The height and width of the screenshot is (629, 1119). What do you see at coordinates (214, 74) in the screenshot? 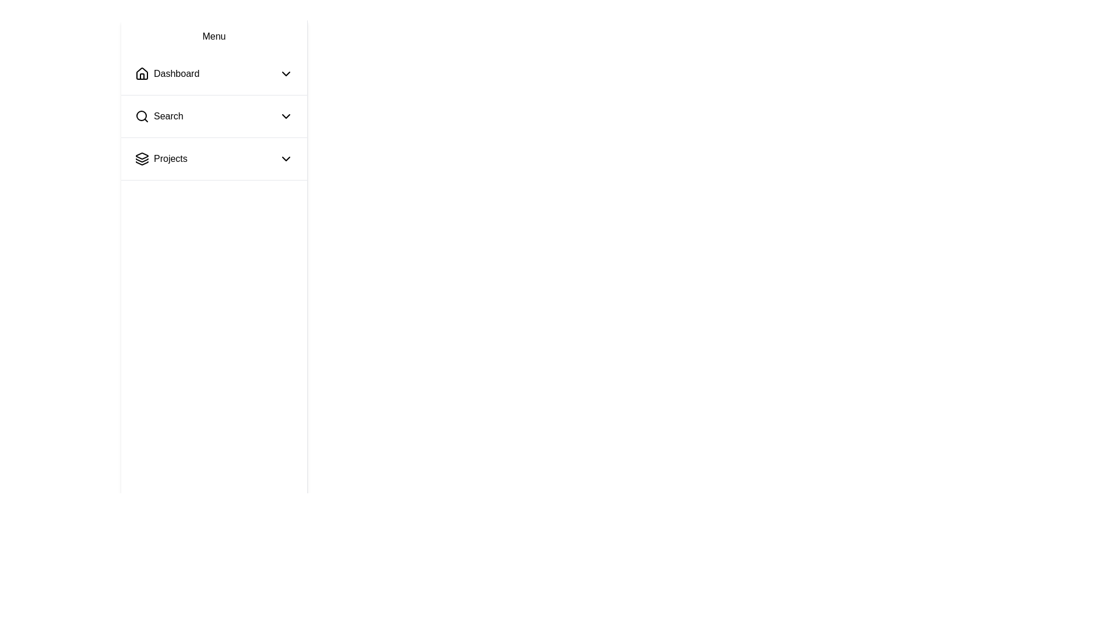
I see `the first row in the sidebar navigation menu labeled 'Dashboard'` at bounding box center [214, 74].